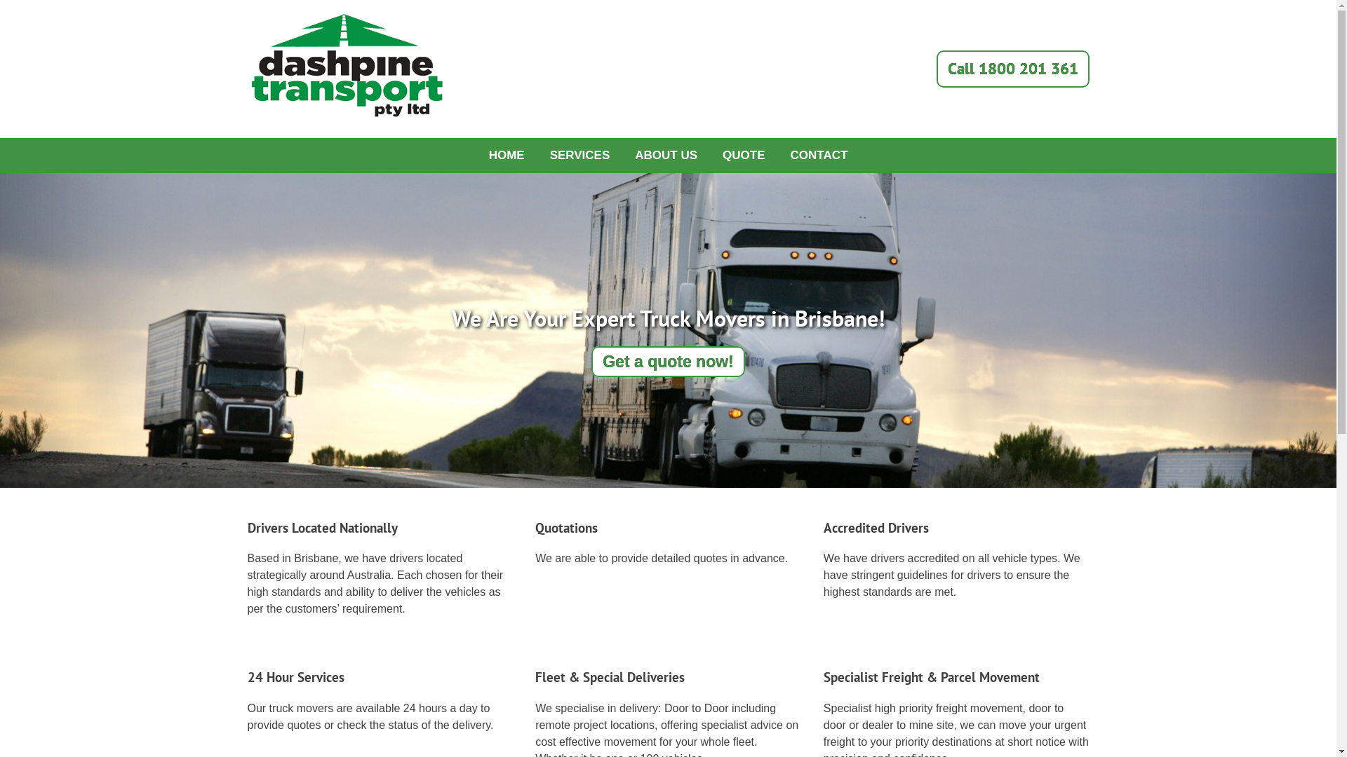  What do you see at coordinates (819, 156) in the screenshot?
I see `'CONTACT'` at bounding box center [819, 156].